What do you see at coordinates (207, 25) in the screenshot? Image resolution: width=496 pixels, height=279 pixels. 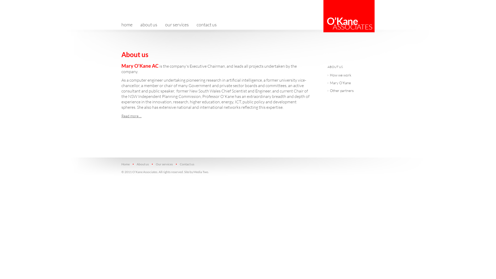 I see `'contact us'` at bounding box center [207, 25].